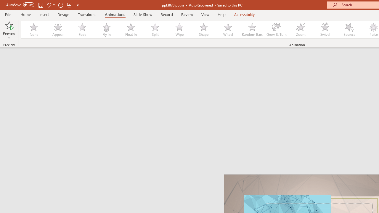 The height and width of the screenshot is (213, 379). What do you see at coordinates (228, 30) in the screenshot?
I see `'Wheel'` at bounding box center [228, 30].